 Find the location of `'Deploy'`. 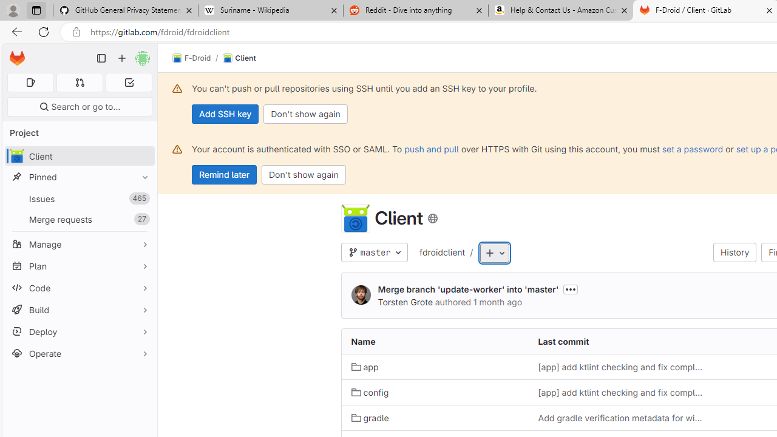

'Deploy' is located at coordinates (79, 331).